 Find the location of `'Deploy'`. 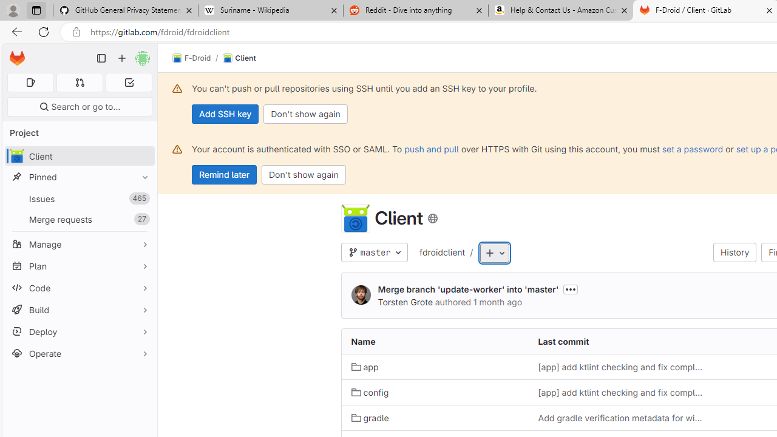

'Deploy' is located at coordinates (79, 331).